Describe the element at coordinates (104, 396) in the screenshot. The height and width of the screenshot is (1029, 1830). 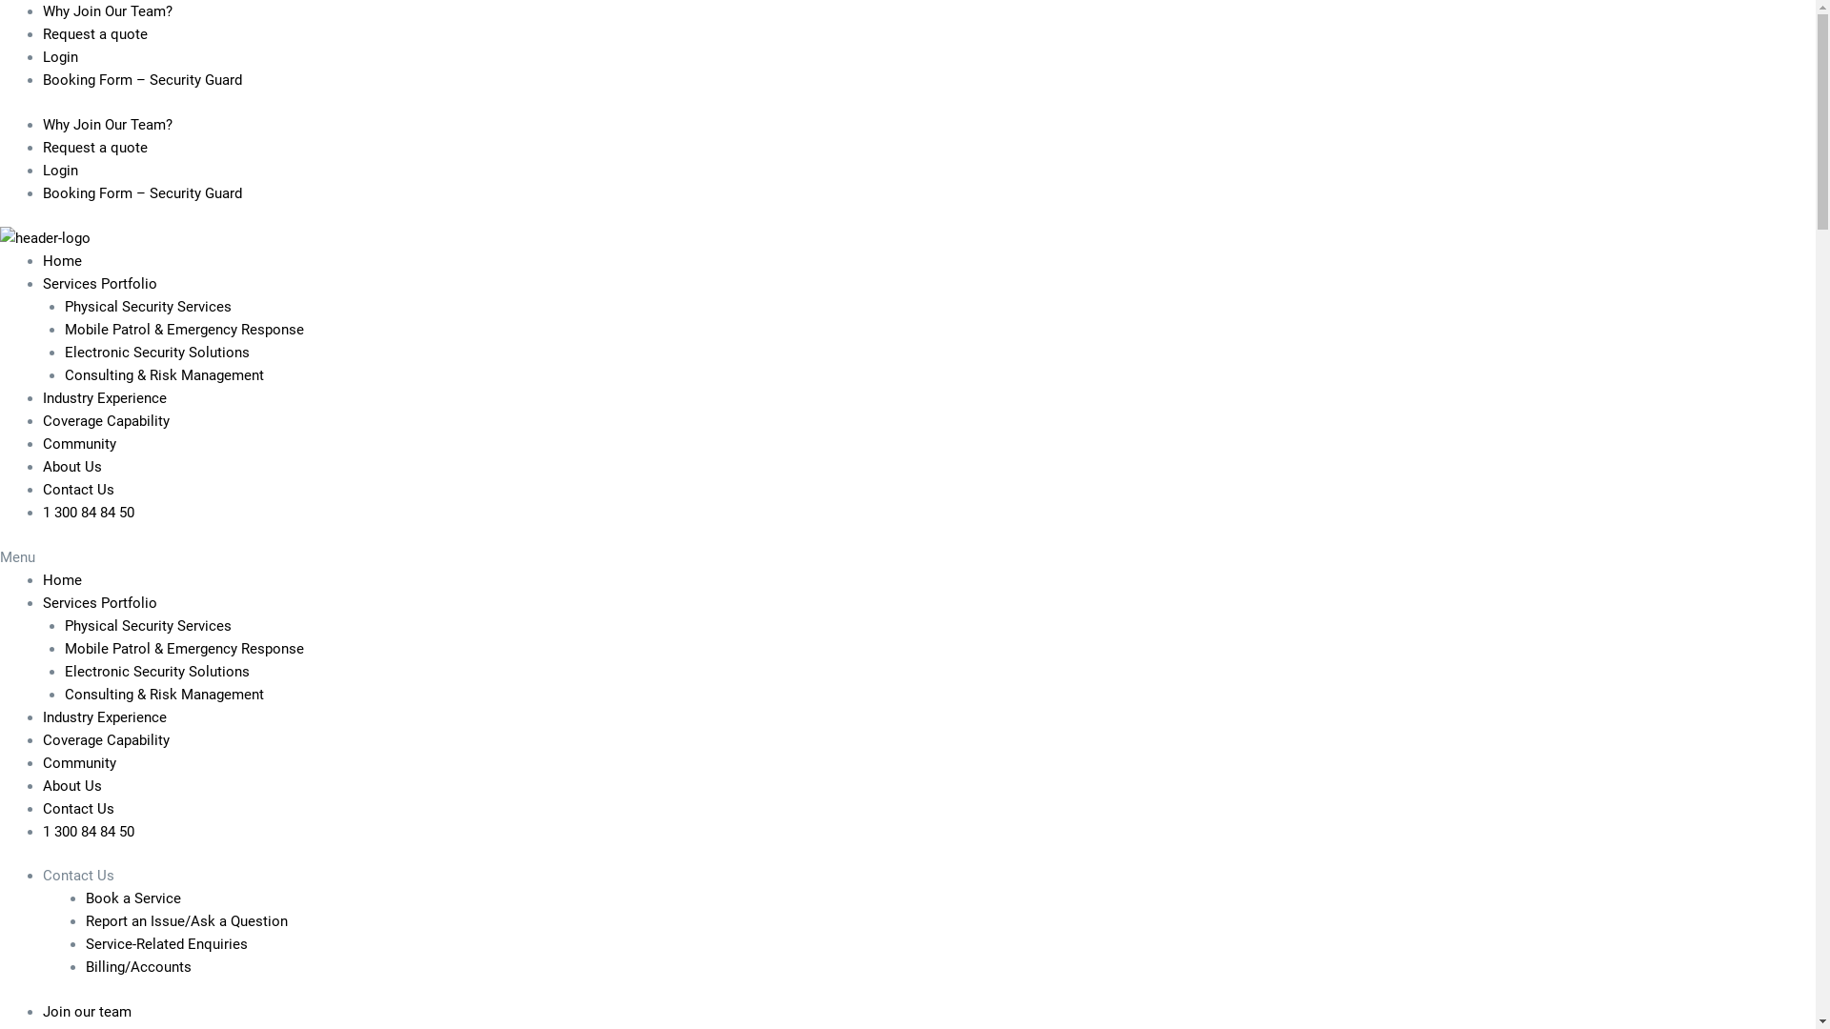
I see `'Industry Experience'` at that location.